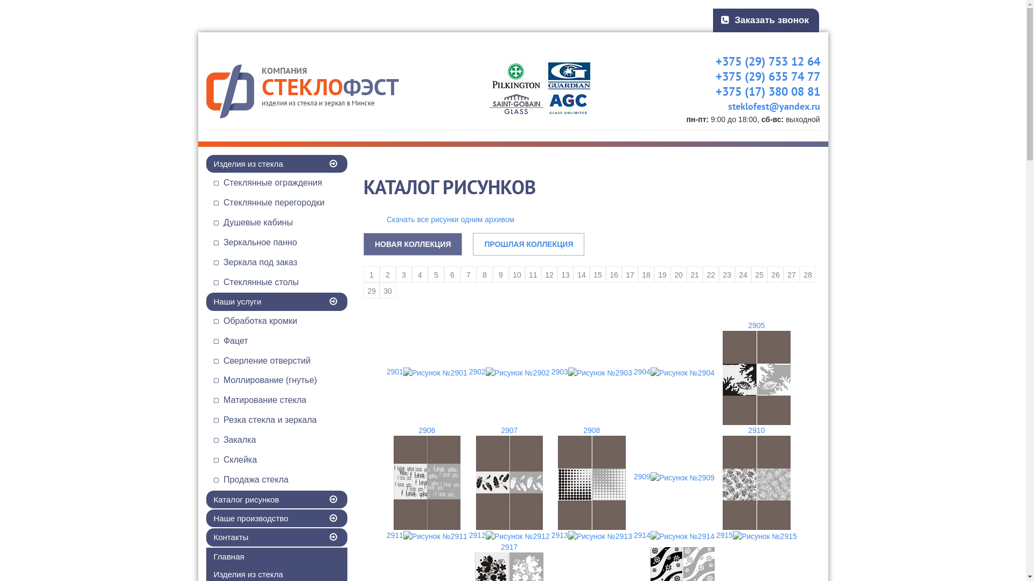 The width and height of the screenshot is (1034, 581). I want to click on '+375 (29) 753 12 64', so click(758, 61).